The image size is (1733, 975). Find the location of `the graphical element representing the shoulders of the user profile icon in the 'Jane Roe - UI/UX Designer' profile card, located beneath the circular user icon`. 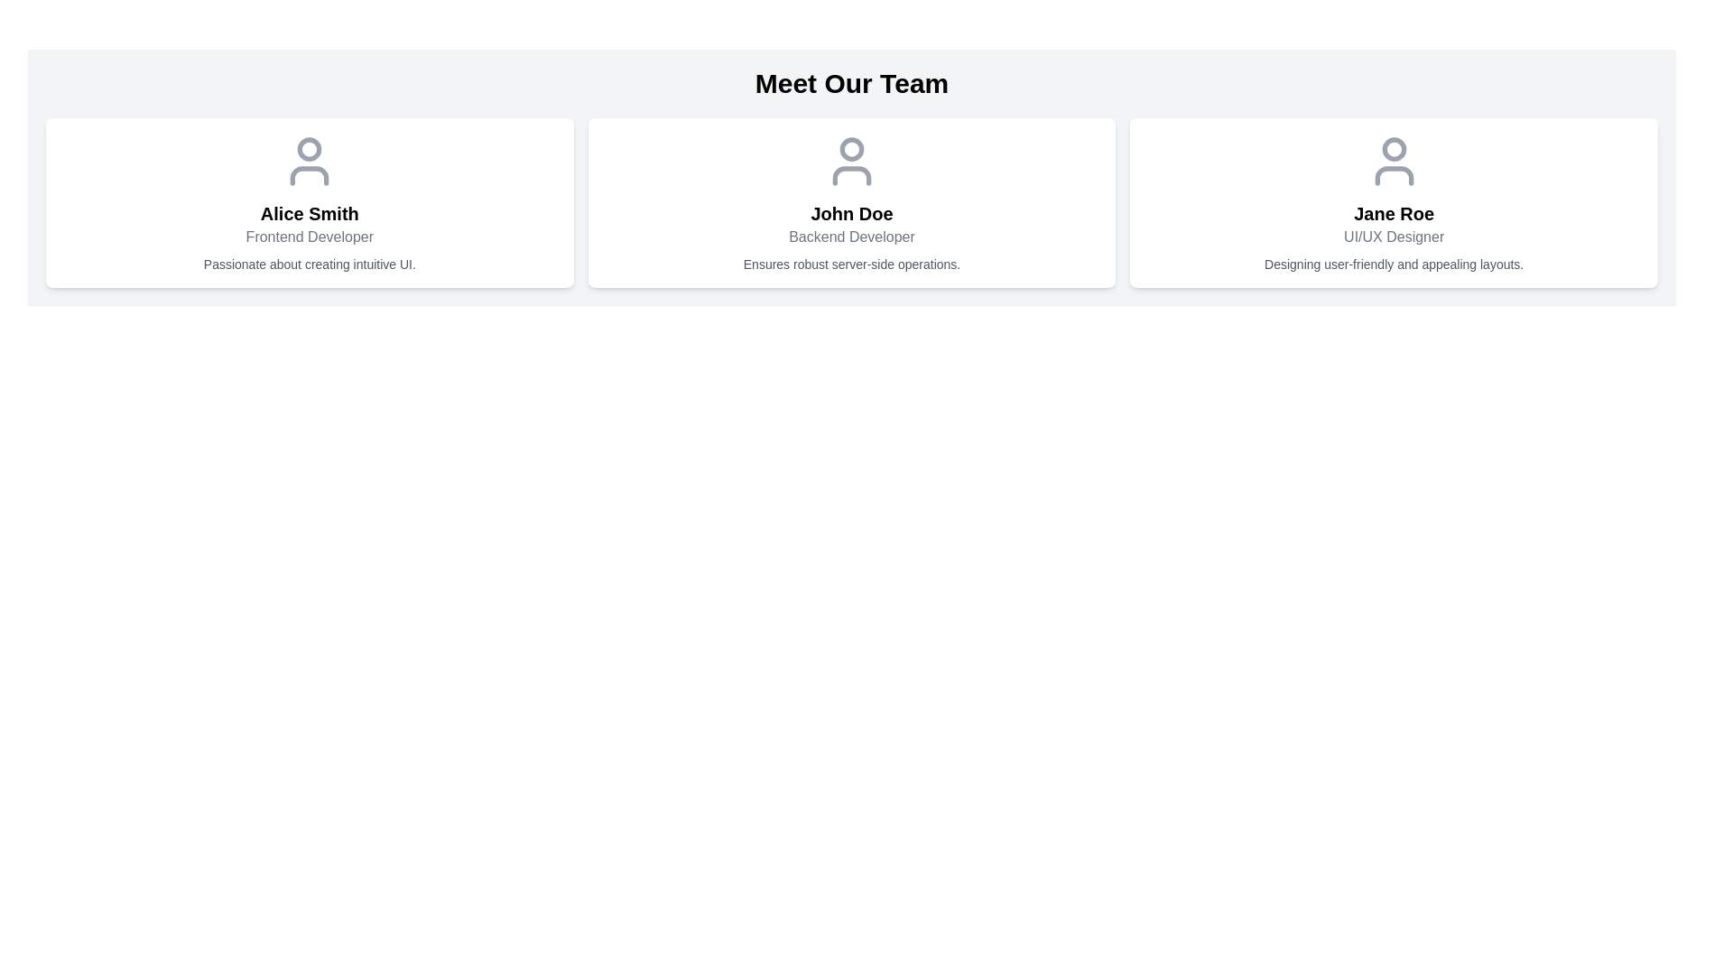

the graphical element representing the shoulders of the user profile icon in the 'Jane Roe - UI/UX Designer' profile card, located beneath the circular user icon is located at coordinates (1393, 176).